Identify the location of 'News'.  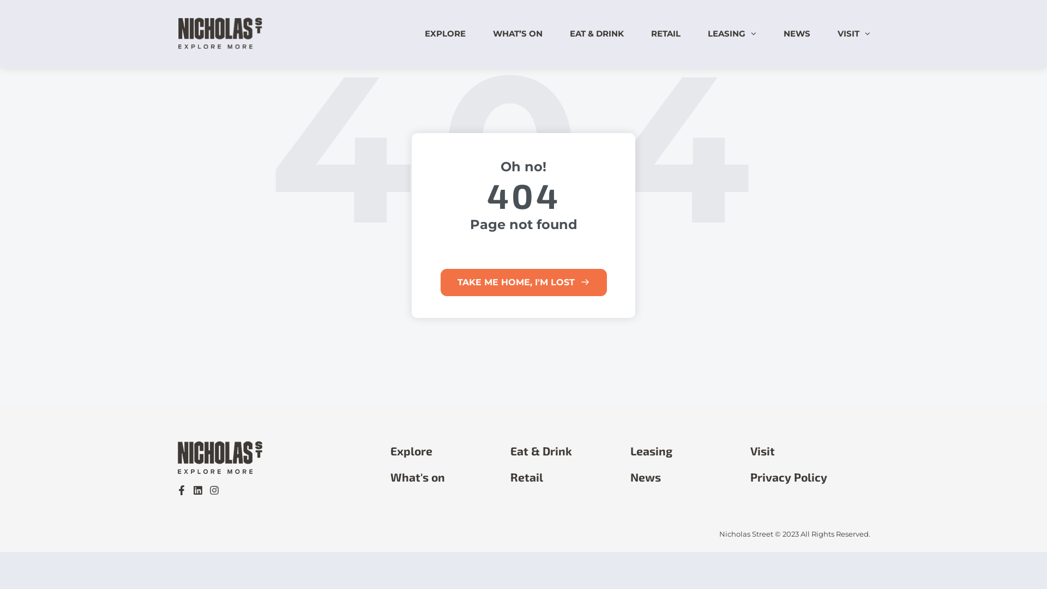
(646, 477).